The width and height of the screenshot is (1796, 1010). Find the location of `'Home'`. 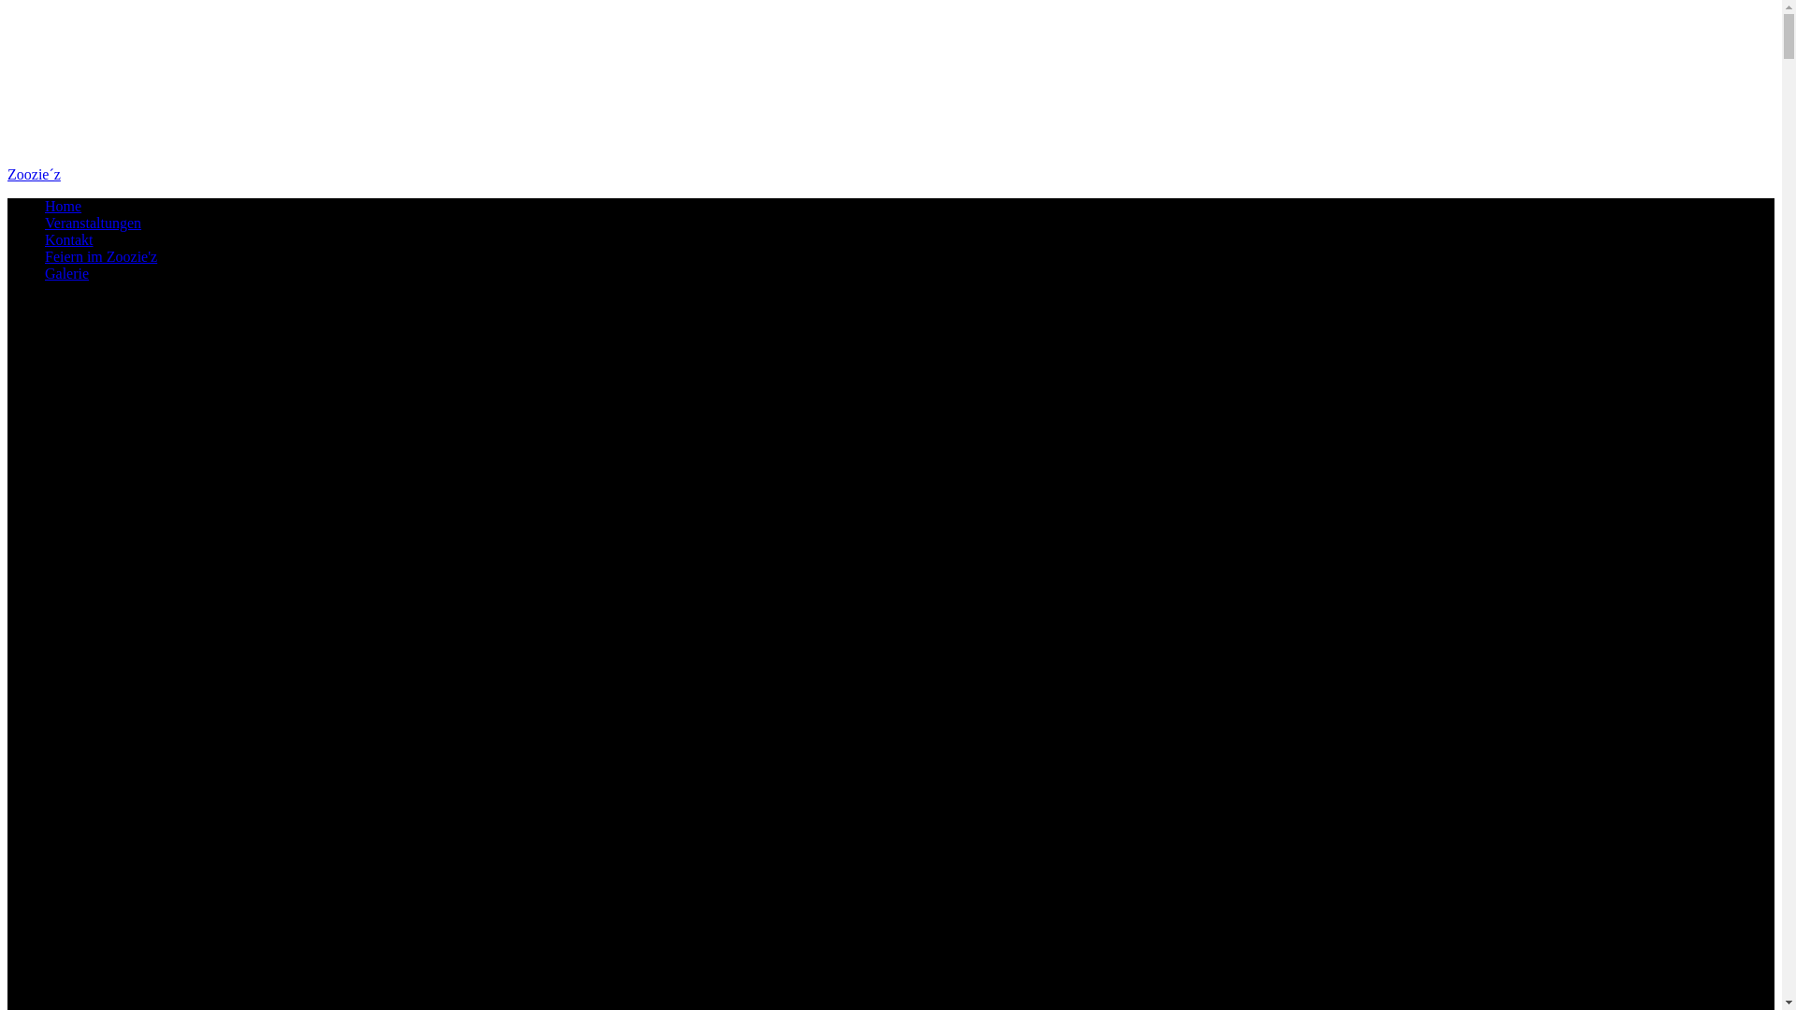

'Home' is located at coordinates (63, 206).